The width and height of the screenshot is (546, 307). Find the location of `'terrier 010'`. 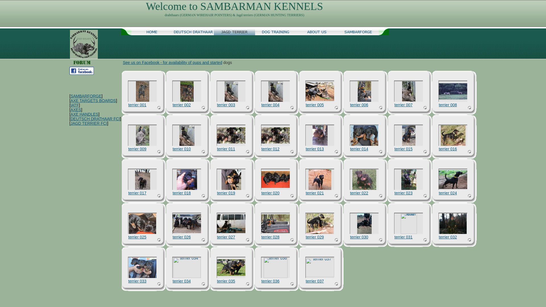

'terrier 010' is located at coordinates (187, 136).